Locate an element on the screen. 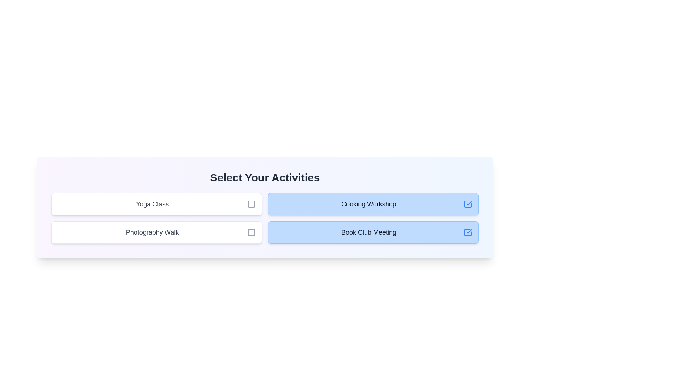 This screenshot has height=391, width=695. the activity Cooking Workshop is located at coordinates (373, 204).